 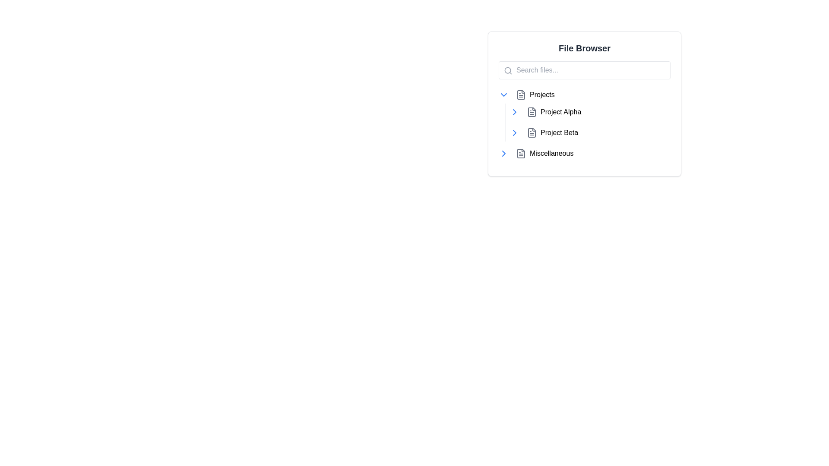 I want to click on the 'Miscellaneous' button with a document icon, so click(x=544, y=153).